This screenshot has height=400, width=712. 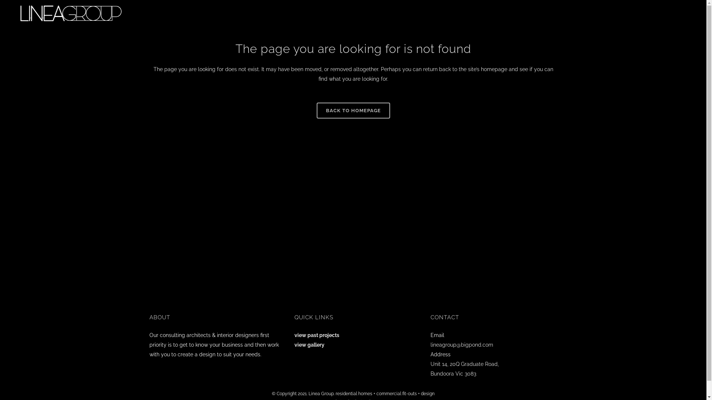 I want to click on 'BACK TO HOMEPAGE', so click(x=353, y=110).